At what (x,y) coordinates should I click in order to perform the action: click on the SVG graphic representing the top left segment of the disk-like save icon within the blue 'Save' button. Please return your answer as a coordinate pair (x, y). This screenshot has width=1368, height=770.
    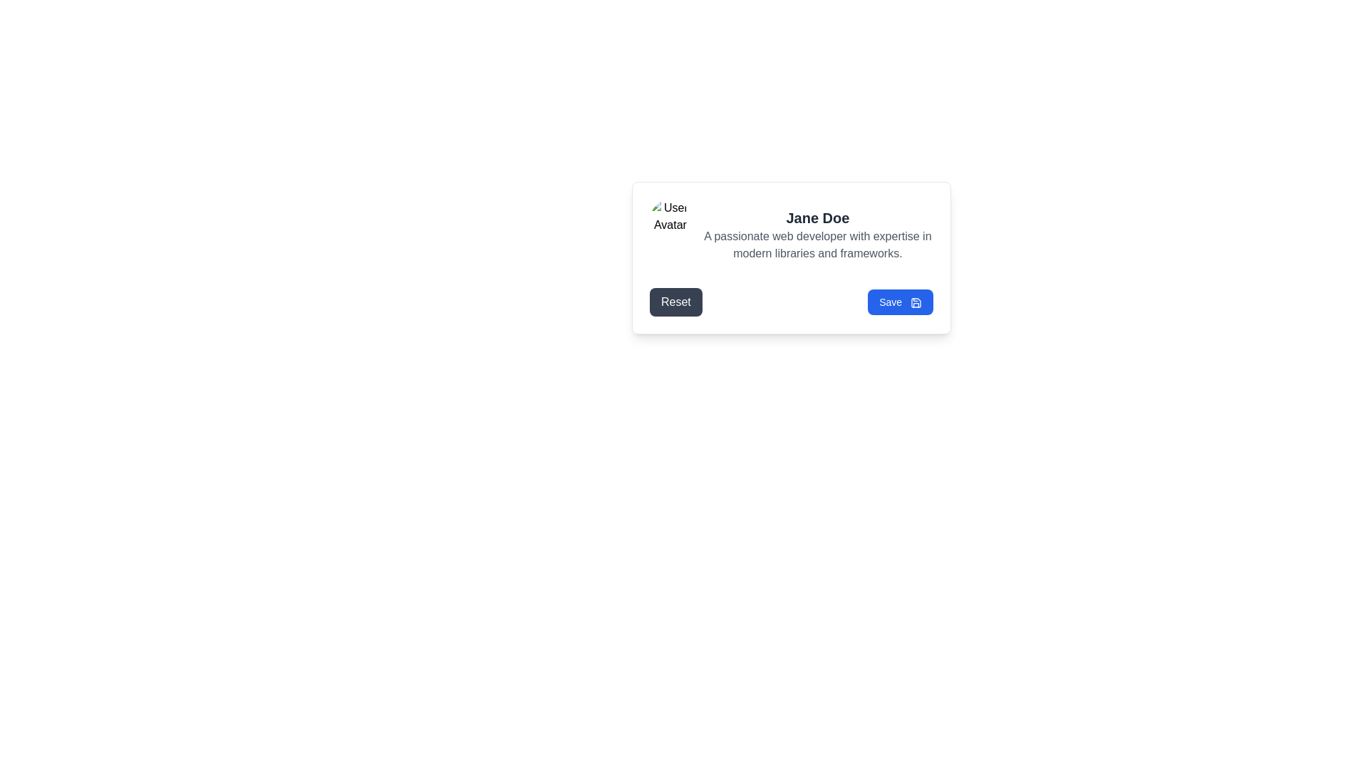
    Looking at the image, I should click on (916, 302).